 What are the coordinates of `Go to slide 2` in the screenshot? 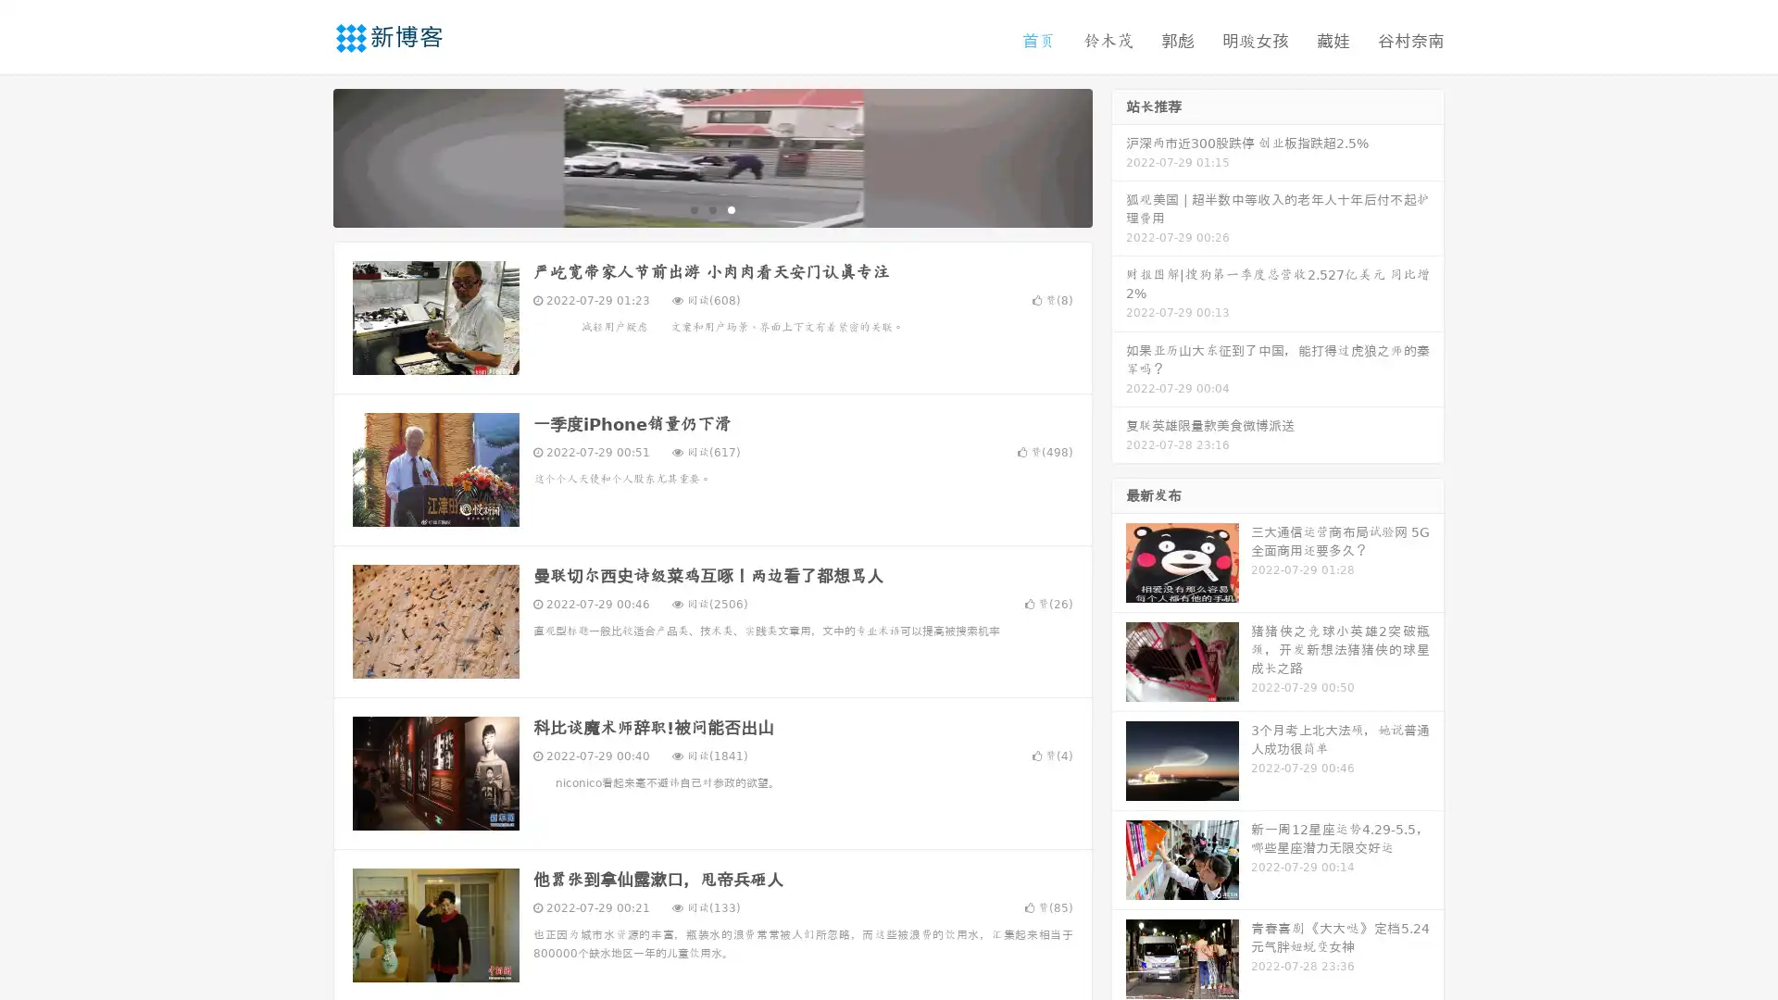 It's located at (711, 208).